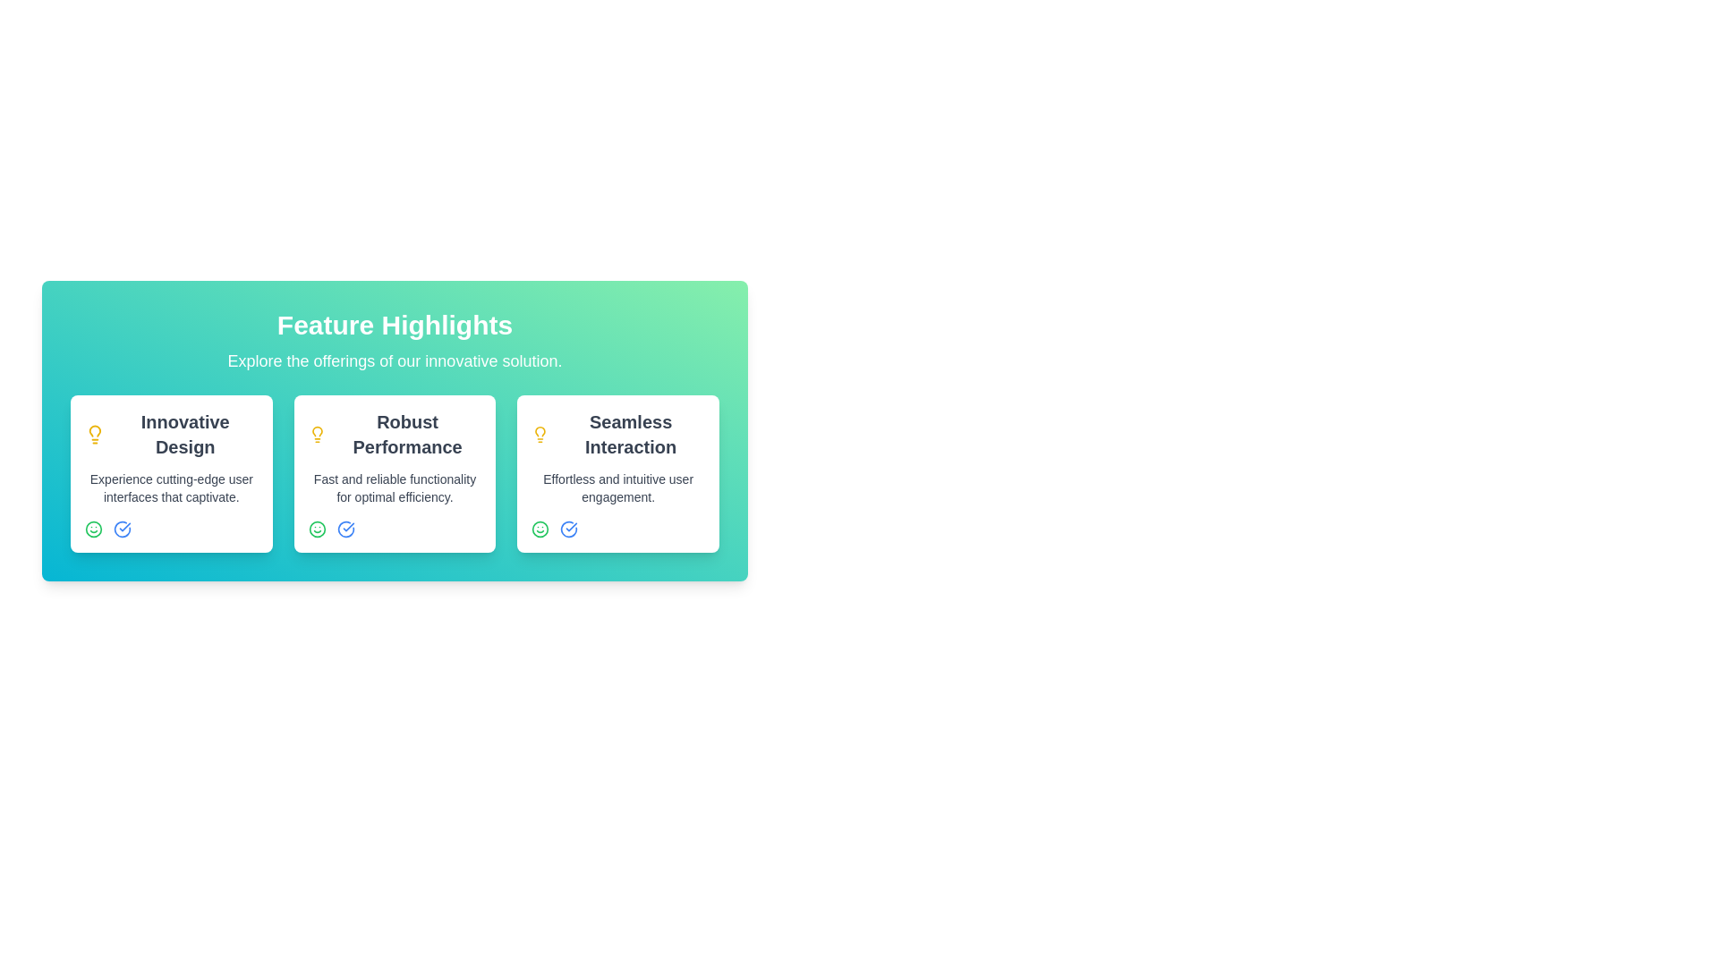 The height and width of the screenshot is (966, 1718). What do you see at coordinates (568, 528) in the screenshot?
I see `the circular icon with a blue outline and checkmark inside, located` at bounding box center [568, 528].